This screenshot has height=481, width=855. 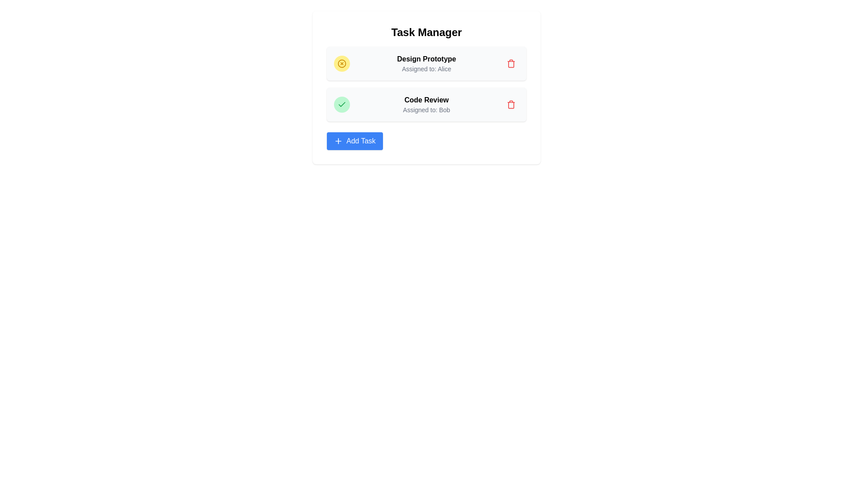 What do you see at coordinates (426, 109) in the screenshot?
I see `the informational text label that denotes the individual assigned to the 'Code Review' task, located below the 'Code Review' label within the second task card` at bounding box center [426, 109].